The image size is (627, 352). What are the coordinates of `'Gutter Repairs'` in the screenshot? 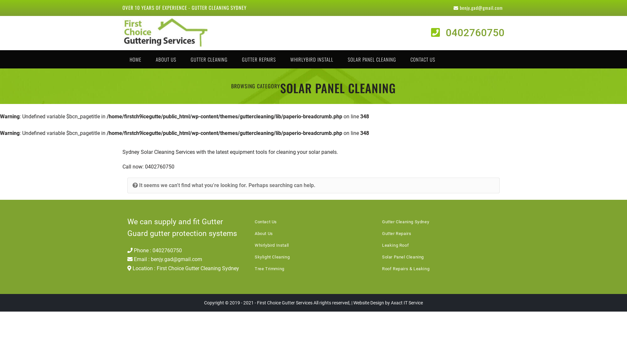 It's located at (396, 233).